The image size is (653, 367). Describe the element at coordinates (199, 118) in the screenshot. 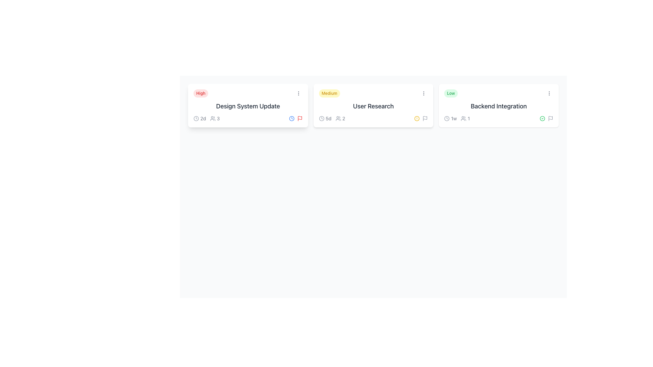

I see `the small clock icon with the text '2d' styled in gray, located in the first card titled 'Design System Update', positioned towards the bottom-left corner of the card` at that location.